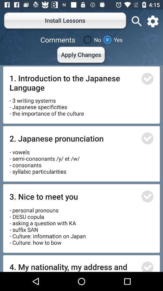  Describe the element at coordinates (147, 266) in the screenshot. I see `to select the option` at that location.